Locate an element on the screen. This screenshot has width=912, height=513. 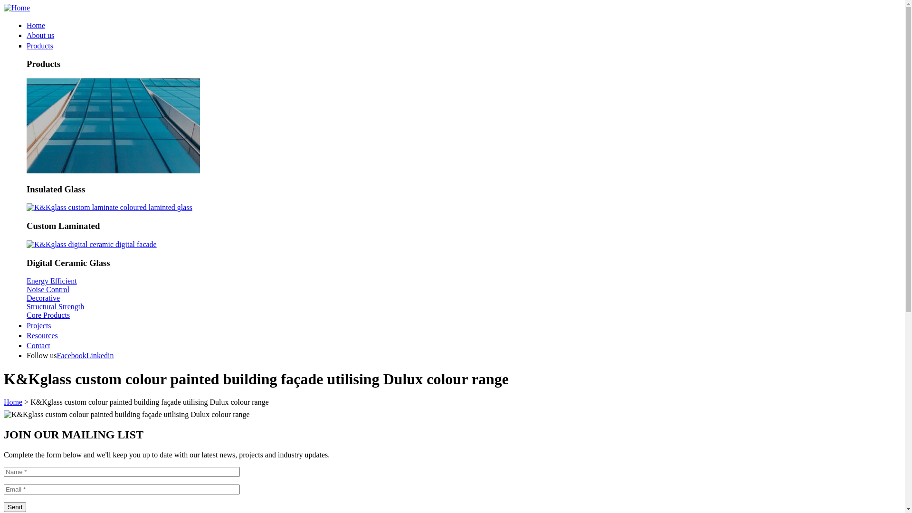
'Send' is located at coordinates (4, 506).